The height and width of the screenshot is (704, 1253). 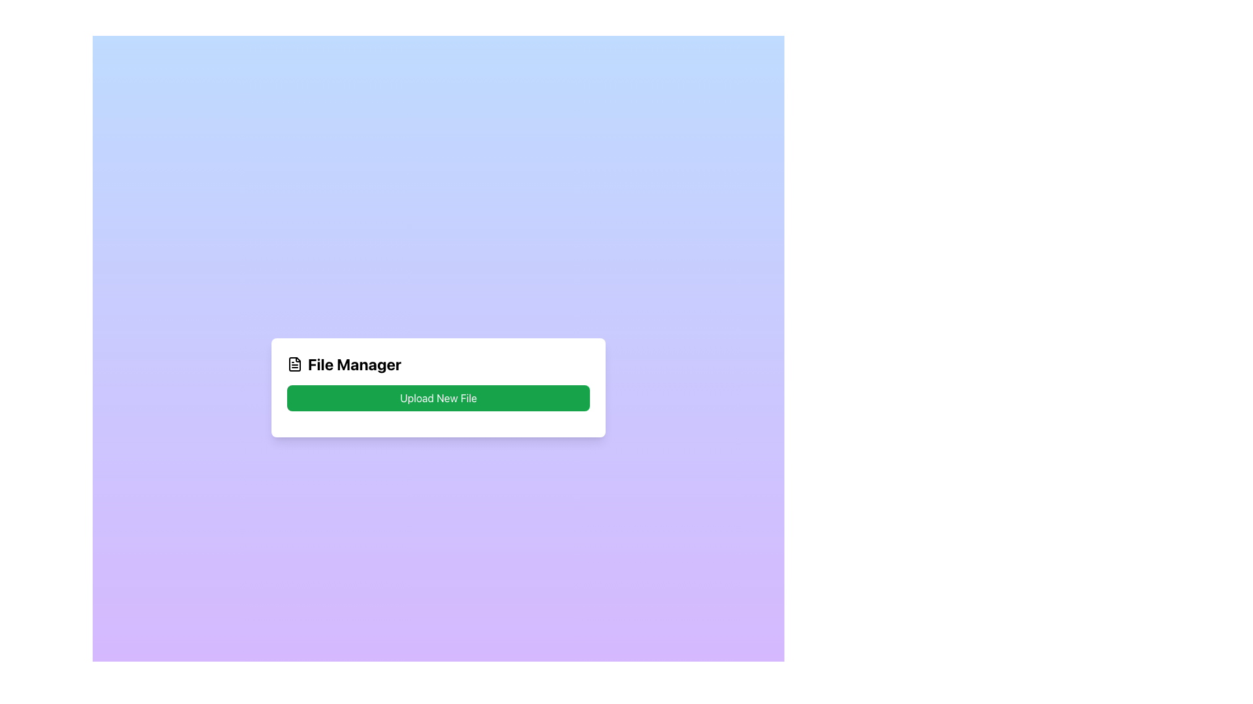 What do you see at coordinates (294, 364) in the screenshot?
I see `the file icon that resembles a paper document, located to the left of the bold 'File Manager' text in the header area` at bounding box center [294, 364].